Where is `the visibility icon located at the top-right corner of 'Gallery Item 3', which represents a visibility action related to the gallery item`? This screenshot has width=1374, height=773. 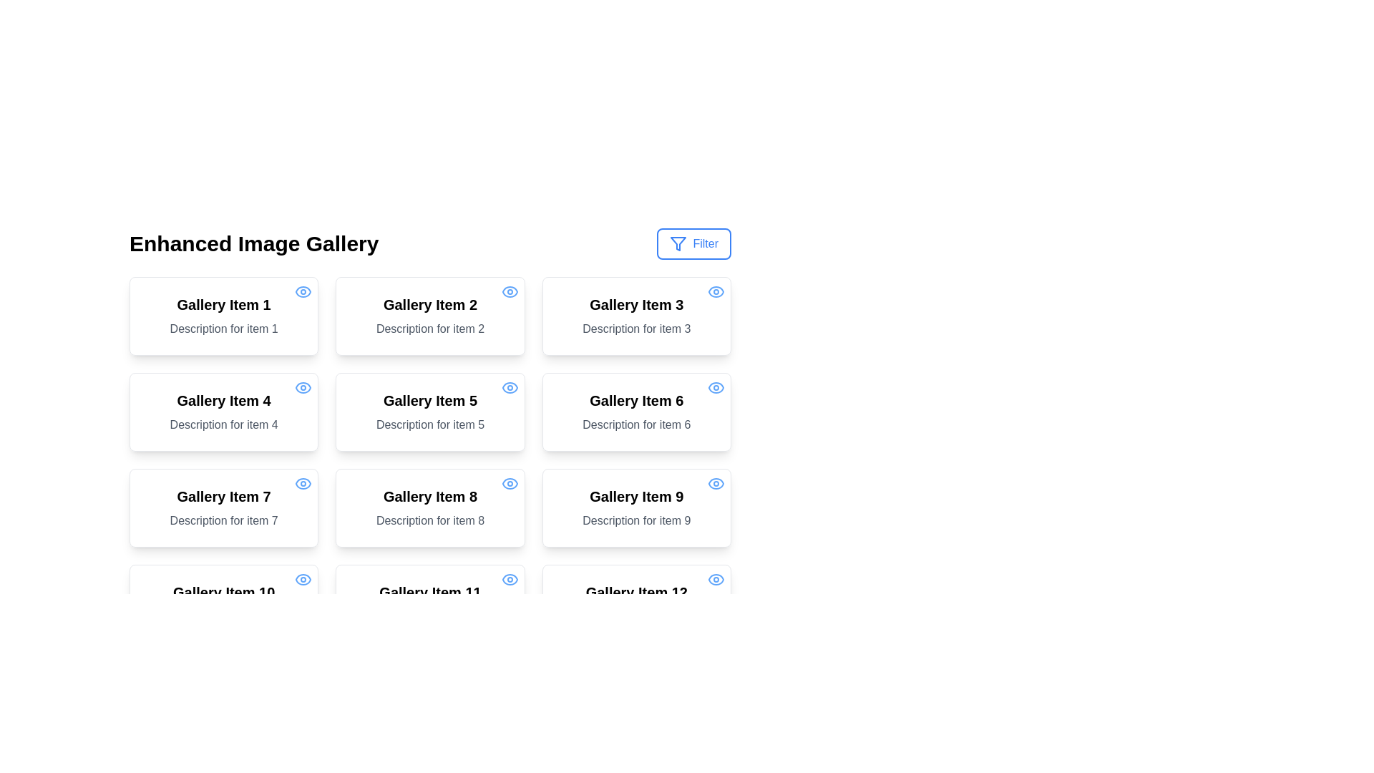 the visibility icon located at the top-right corner of 'Gallery Item 3', which represents a visibility action related to the gallery item is located at coordinates (716, 291).